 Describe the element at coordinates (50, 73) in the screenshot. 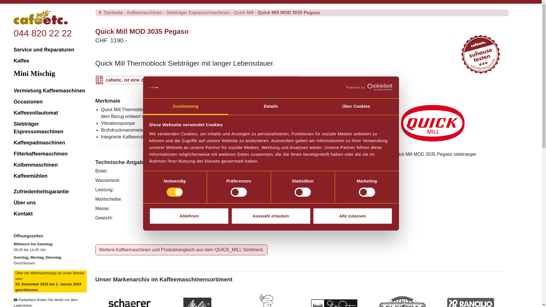

I see `'Mini Mischig'` at that location.